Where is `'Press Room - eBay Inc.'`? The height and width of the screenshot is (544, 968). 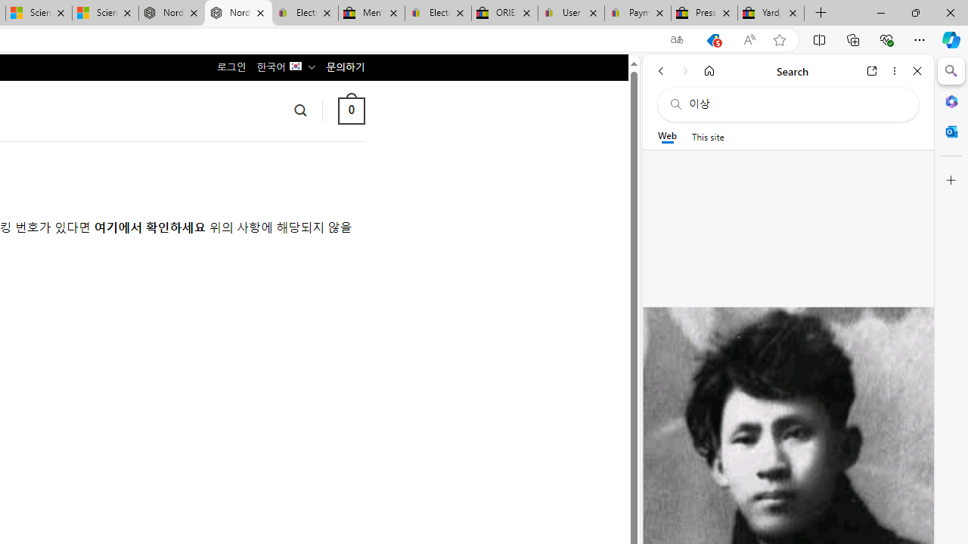
'Press Room - eBay Inc.' is located at coordinates (703, 13).